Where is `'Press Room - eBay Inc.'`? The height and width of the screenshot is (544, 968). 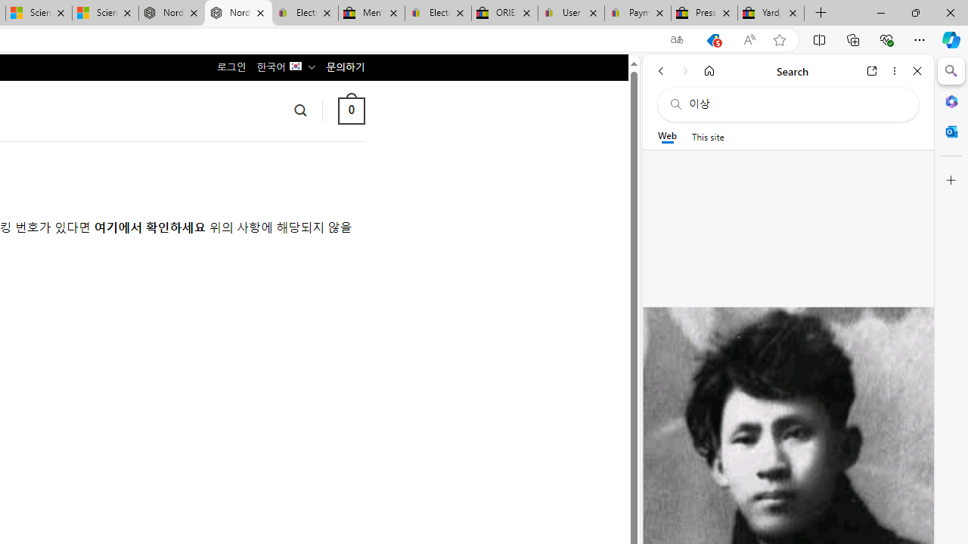
'Press Room - eBay Inc.' is located at coordinates (703, 13).